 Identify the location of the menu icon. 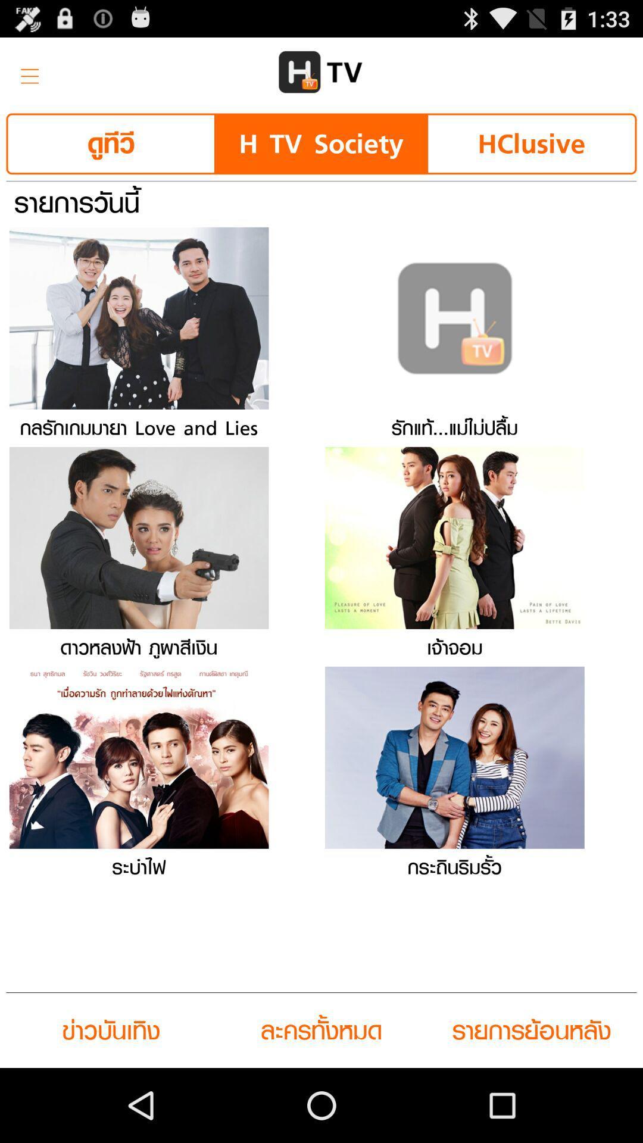
(26, 76).